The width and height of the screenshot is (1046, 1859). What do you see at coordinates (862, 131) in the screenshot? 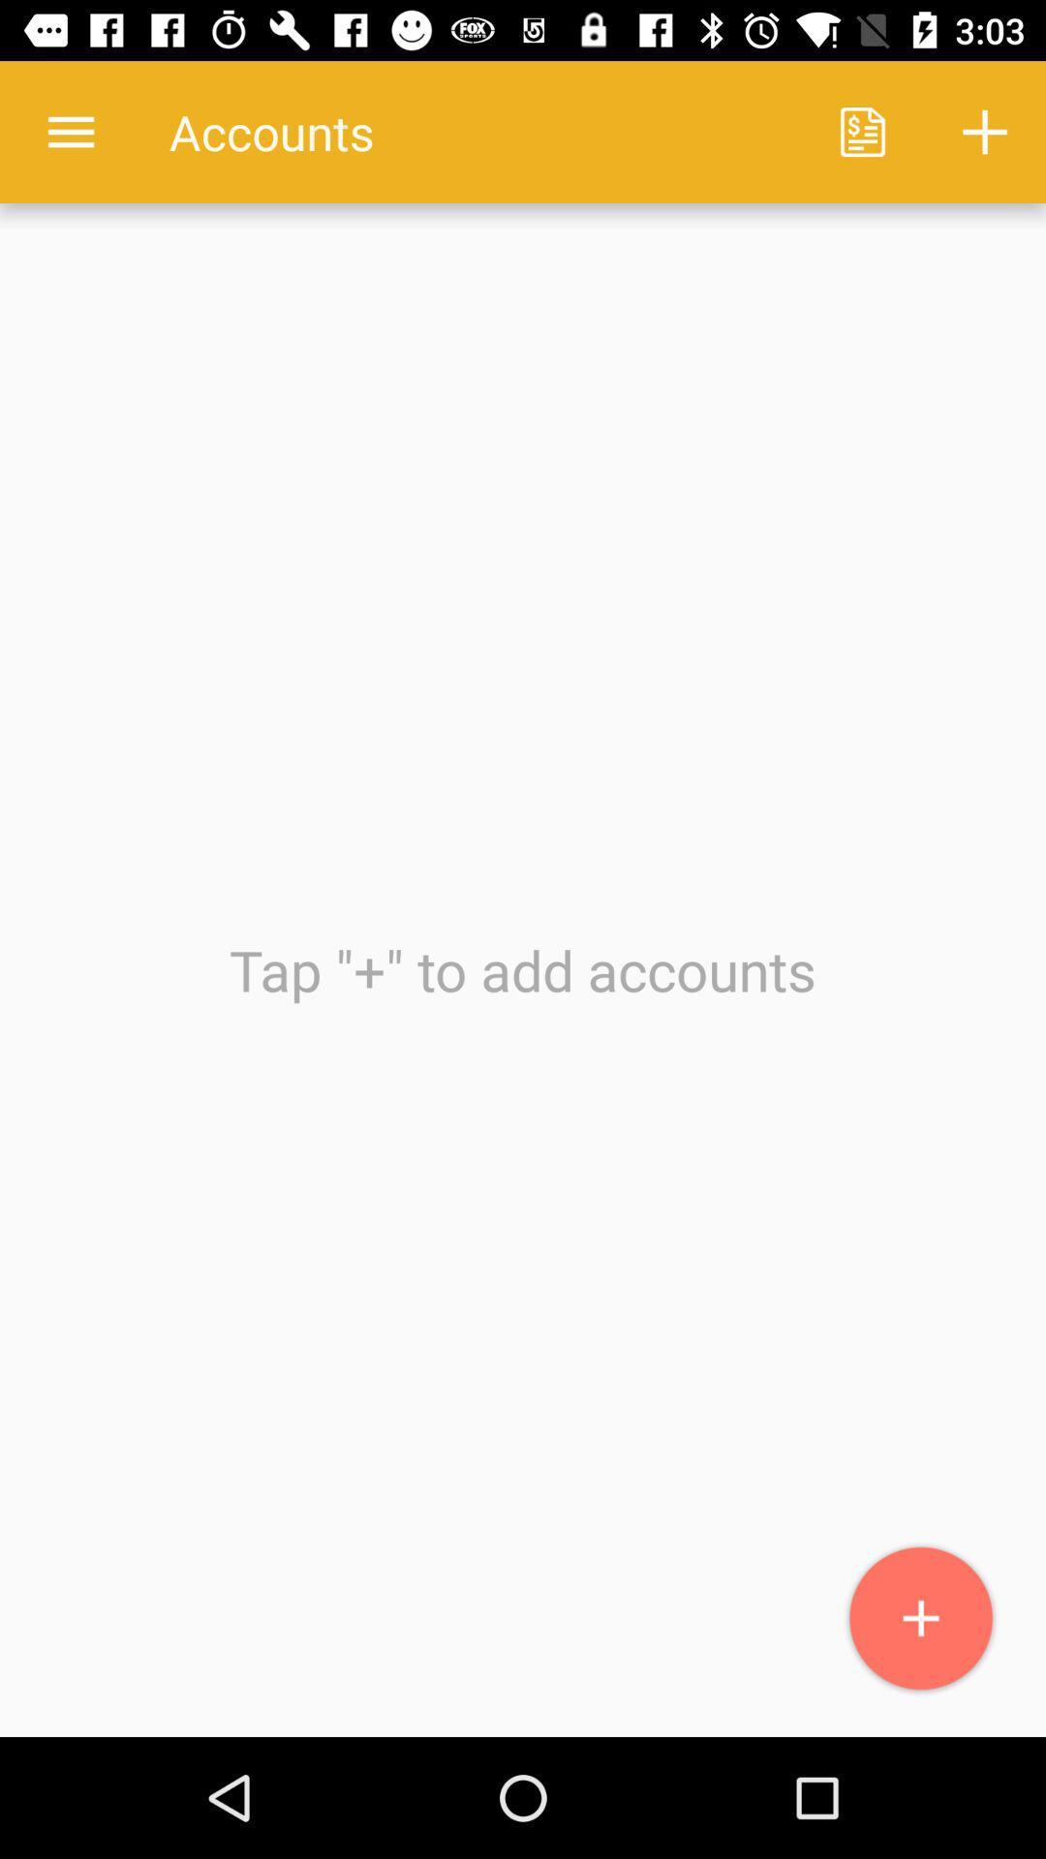
I see `icon to the right of the accounts` at bounding box center [862, 131].